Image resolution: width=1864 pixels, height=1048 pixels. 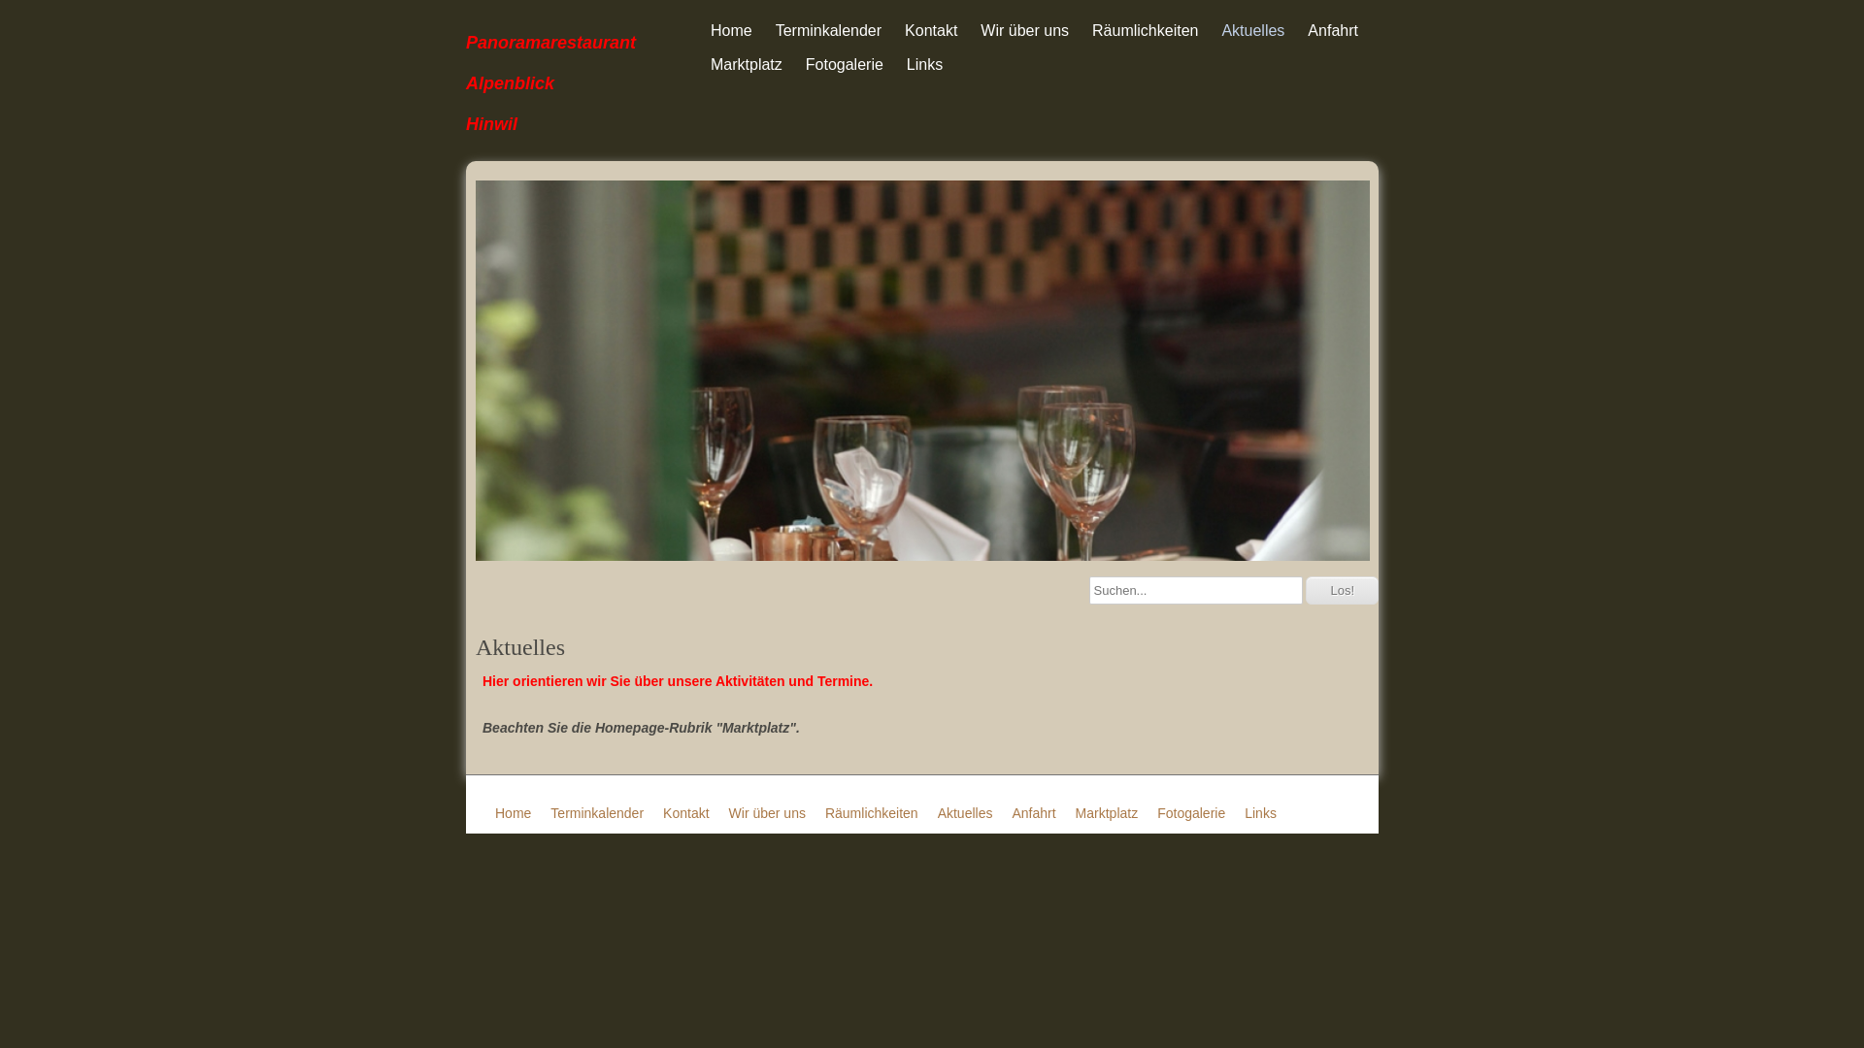 What do you see at coordinates (1331, 30) in the screenshot?
I see `'Anfahrt'` at bounding box center [1331, 30].